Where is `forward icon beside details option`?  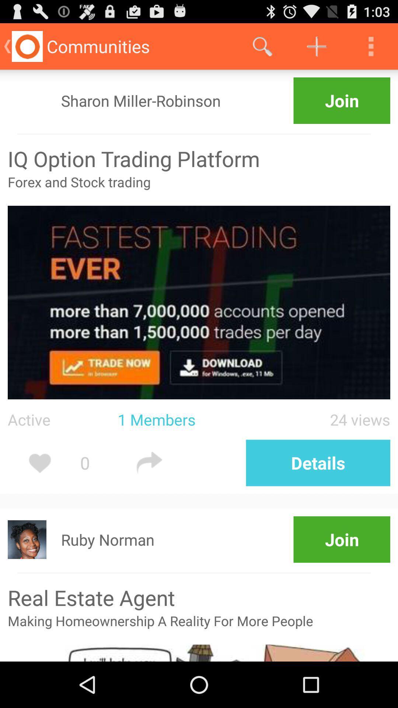
forward icon beside details option is located at coordinates (191, 463).